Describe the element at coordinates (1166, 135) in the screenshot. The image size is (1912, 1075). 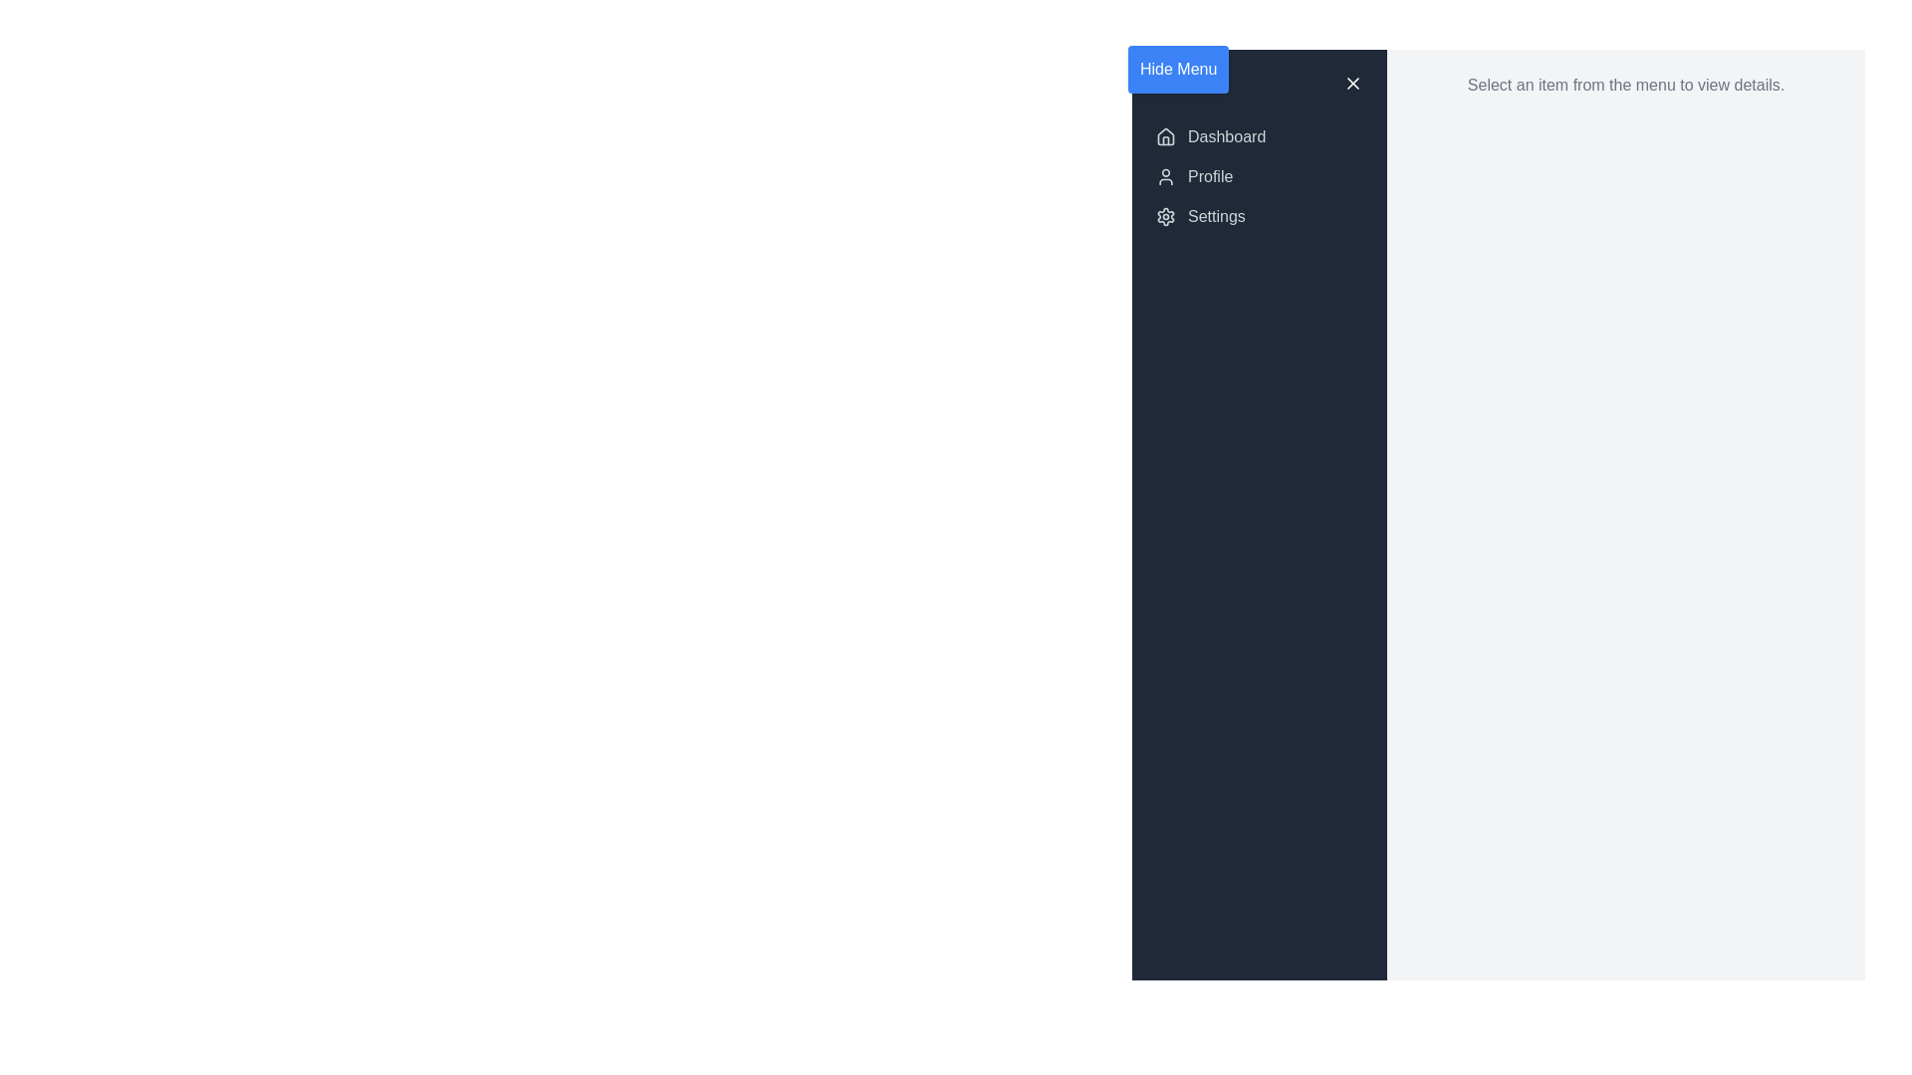
I see `house icon SVG element in the left-side navigation menu that corresponds to the 'Dashboard' option by opening developer tools` at that location.